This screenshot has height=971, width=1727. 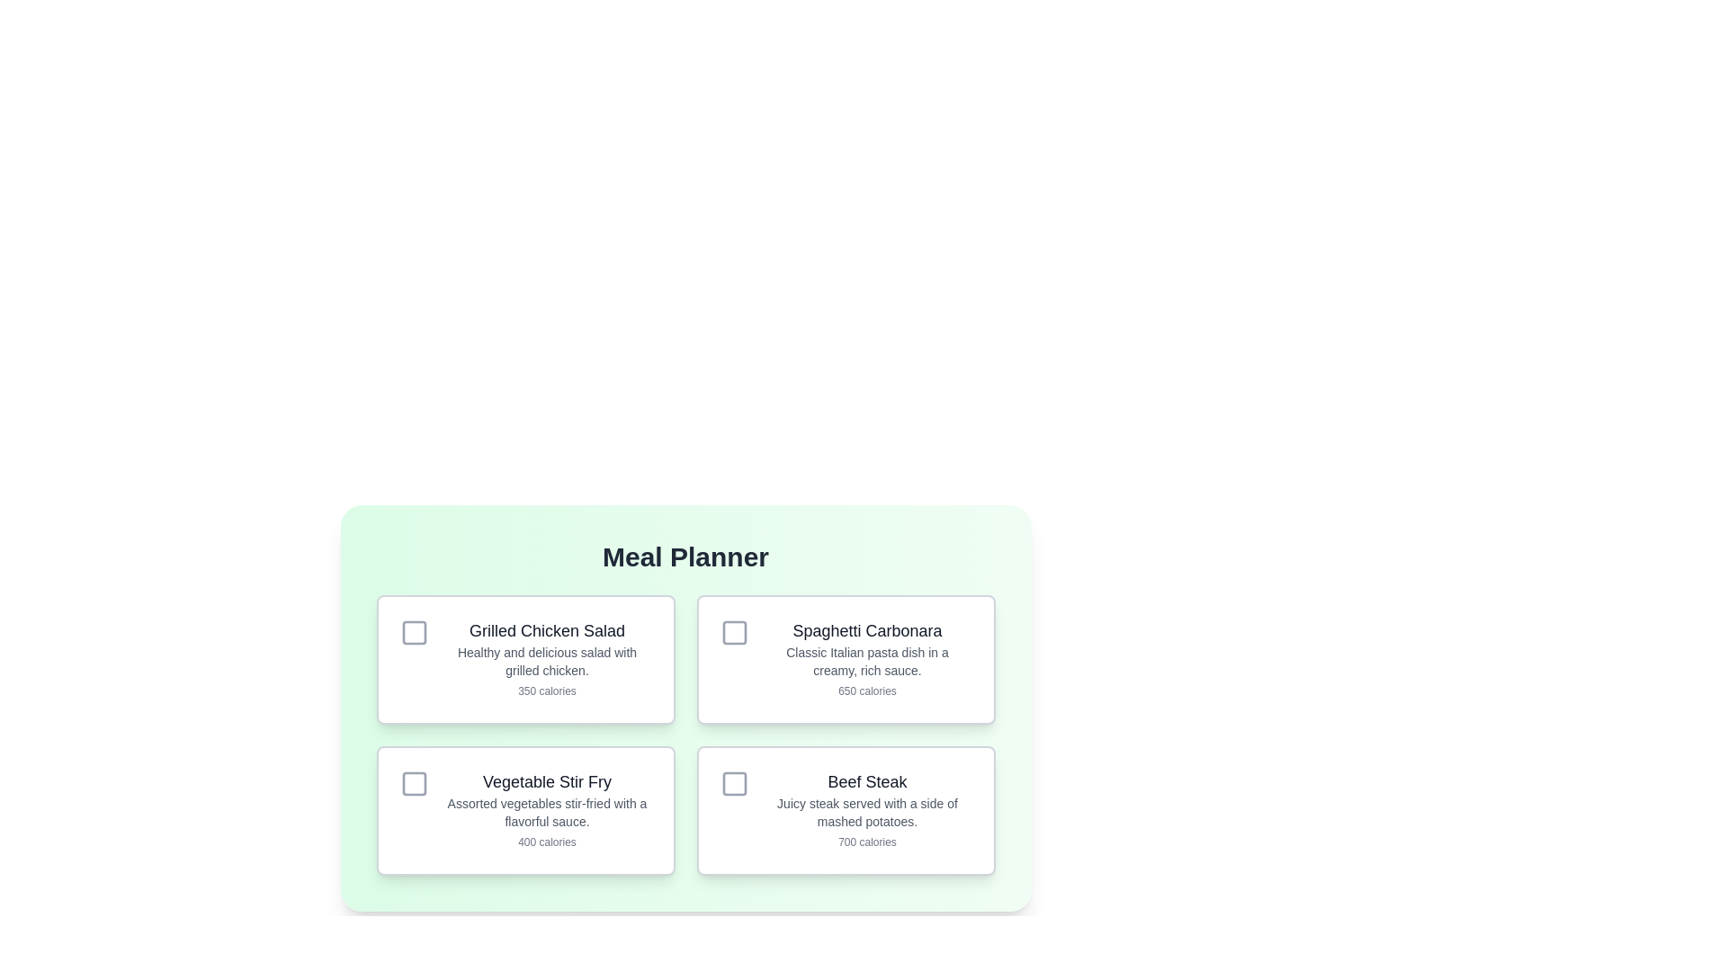 I want to click on descriptive text that says 'Classic Italian pasta dish in a creamy, rich sauce.' which is displayed in gray color and smaller font size, positioned below the title 'Spaghetti Carbonara' in the Meal Planner interface, so click(x=867, y=662).